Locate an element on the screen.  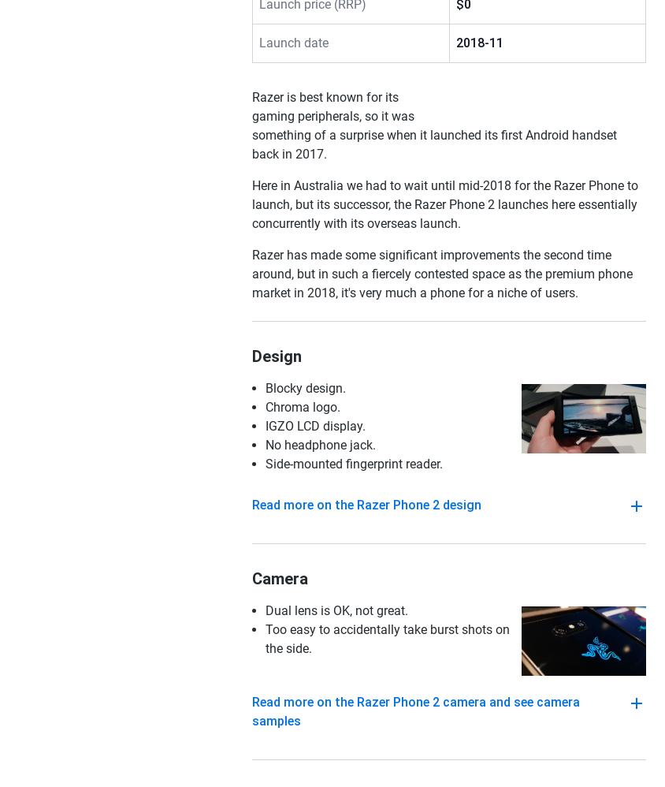
'Smartphones' is located at coordinates (43, 41).